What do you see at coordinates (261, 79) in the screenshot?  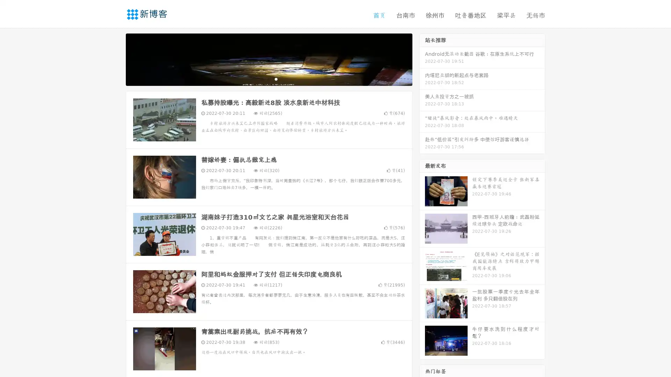 I see `Go to slide 1` at bounding box center [261, 79].